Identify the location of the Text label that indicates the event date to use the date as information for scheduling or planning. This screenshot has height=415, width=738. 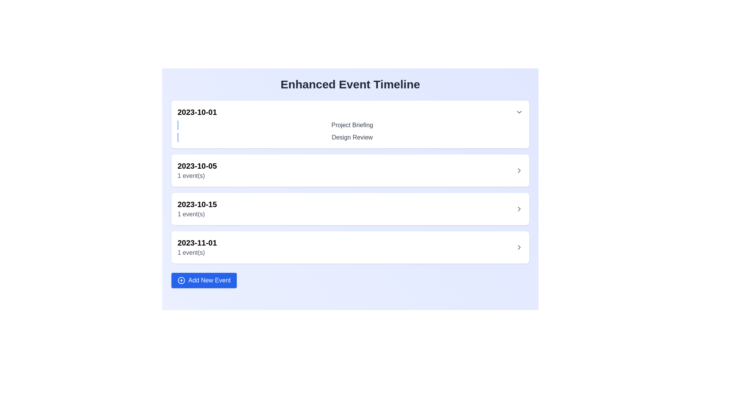
(197, 243).